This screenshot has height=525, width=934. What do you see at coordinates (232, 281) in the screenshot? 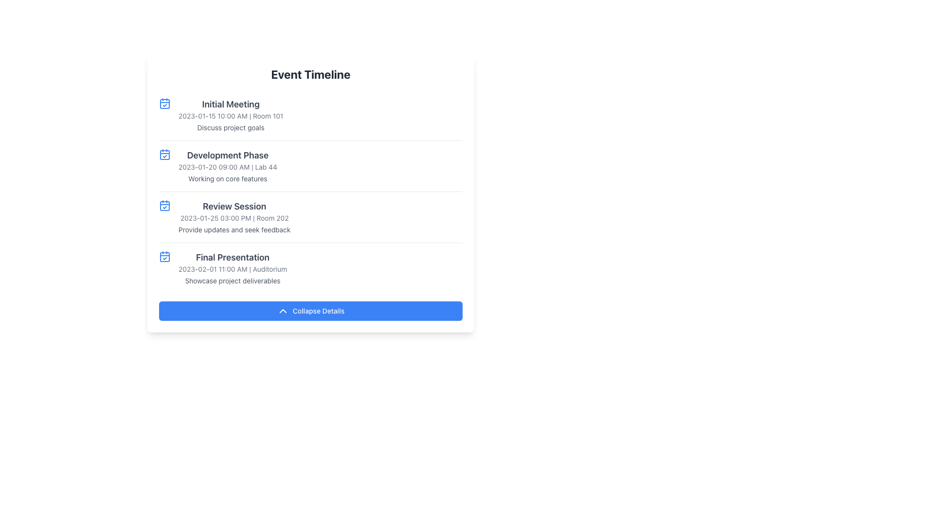
I see `the text element reading 'Showcase project deliverables' in gray color, located in the 'Final Presentation' section of the 'Event Timeline'` at bounding box center [232, 281].